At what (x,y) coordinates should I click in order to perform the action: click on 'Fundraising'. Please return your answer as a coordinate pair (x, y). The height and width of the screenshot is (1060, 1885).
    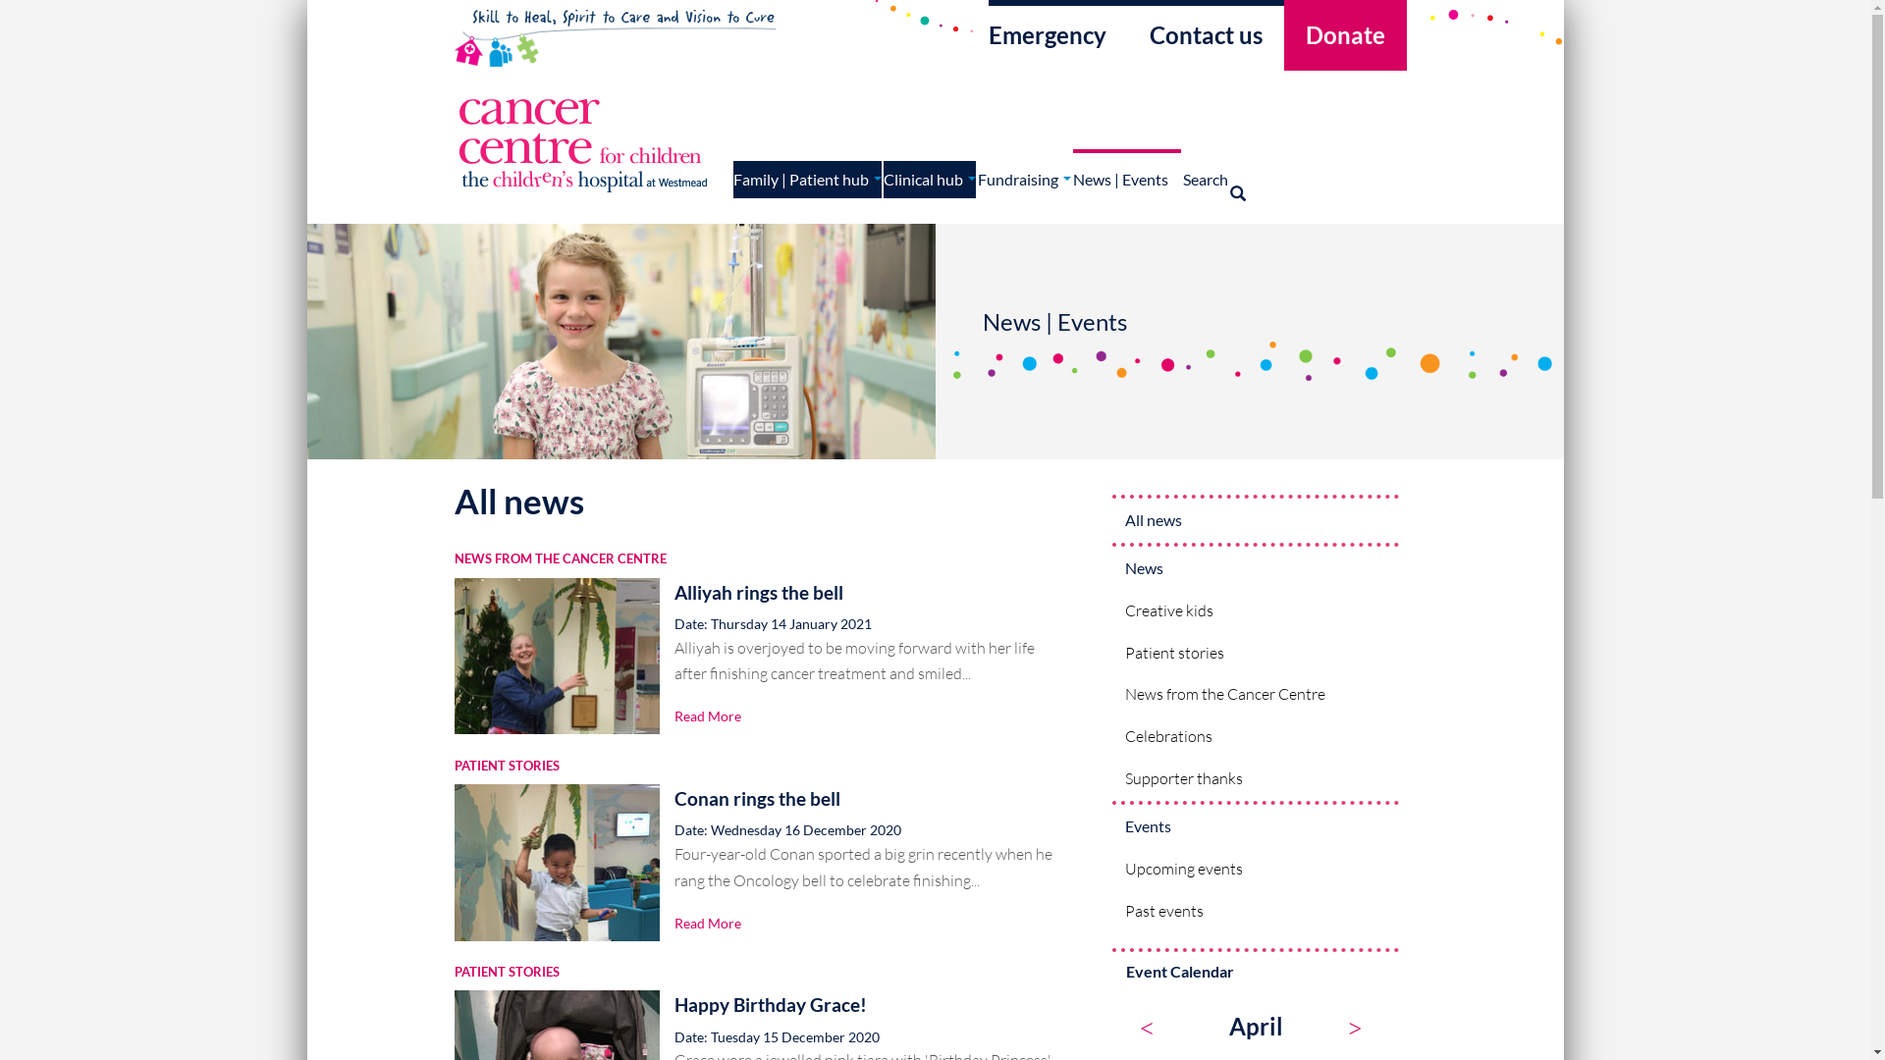
    Looking at the image, I should click on (1023, 173).